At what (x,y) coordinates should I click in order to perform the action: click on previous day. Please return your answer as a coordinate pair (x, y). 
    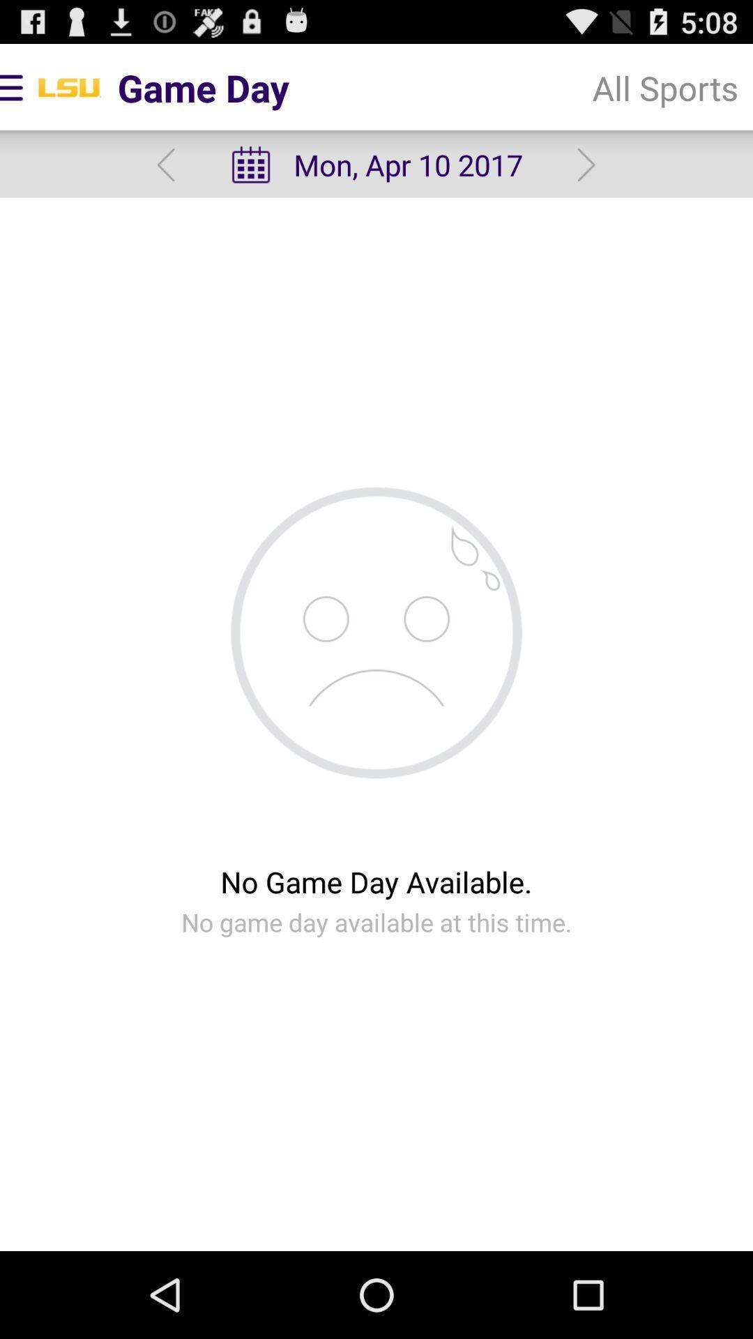
    Looking at the image, I should click on (165, 165).